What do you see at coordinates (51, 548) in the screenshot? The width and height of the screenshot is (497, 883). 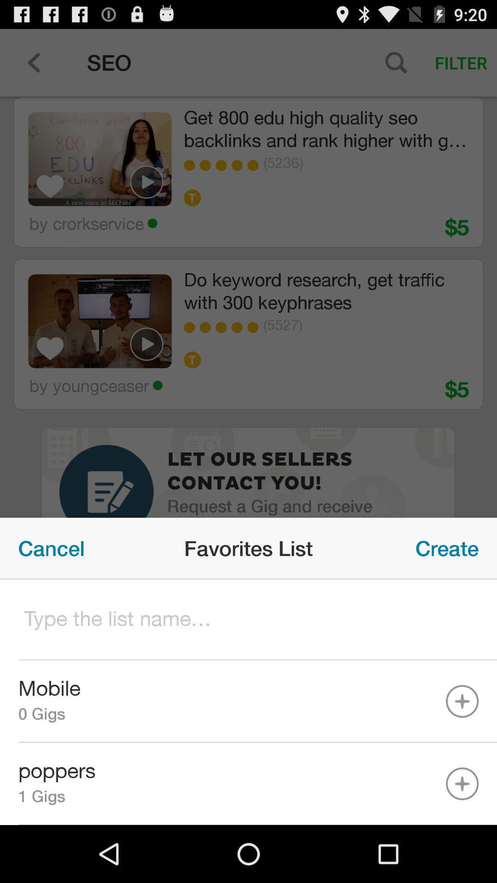 I see `icon on the left` at bounding box center [51, 548].